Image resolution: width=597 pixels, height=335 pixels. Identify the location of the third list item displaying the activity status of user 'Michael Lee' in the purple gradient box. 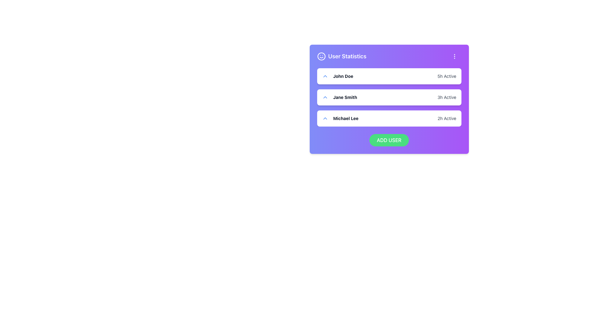
(389, 112).